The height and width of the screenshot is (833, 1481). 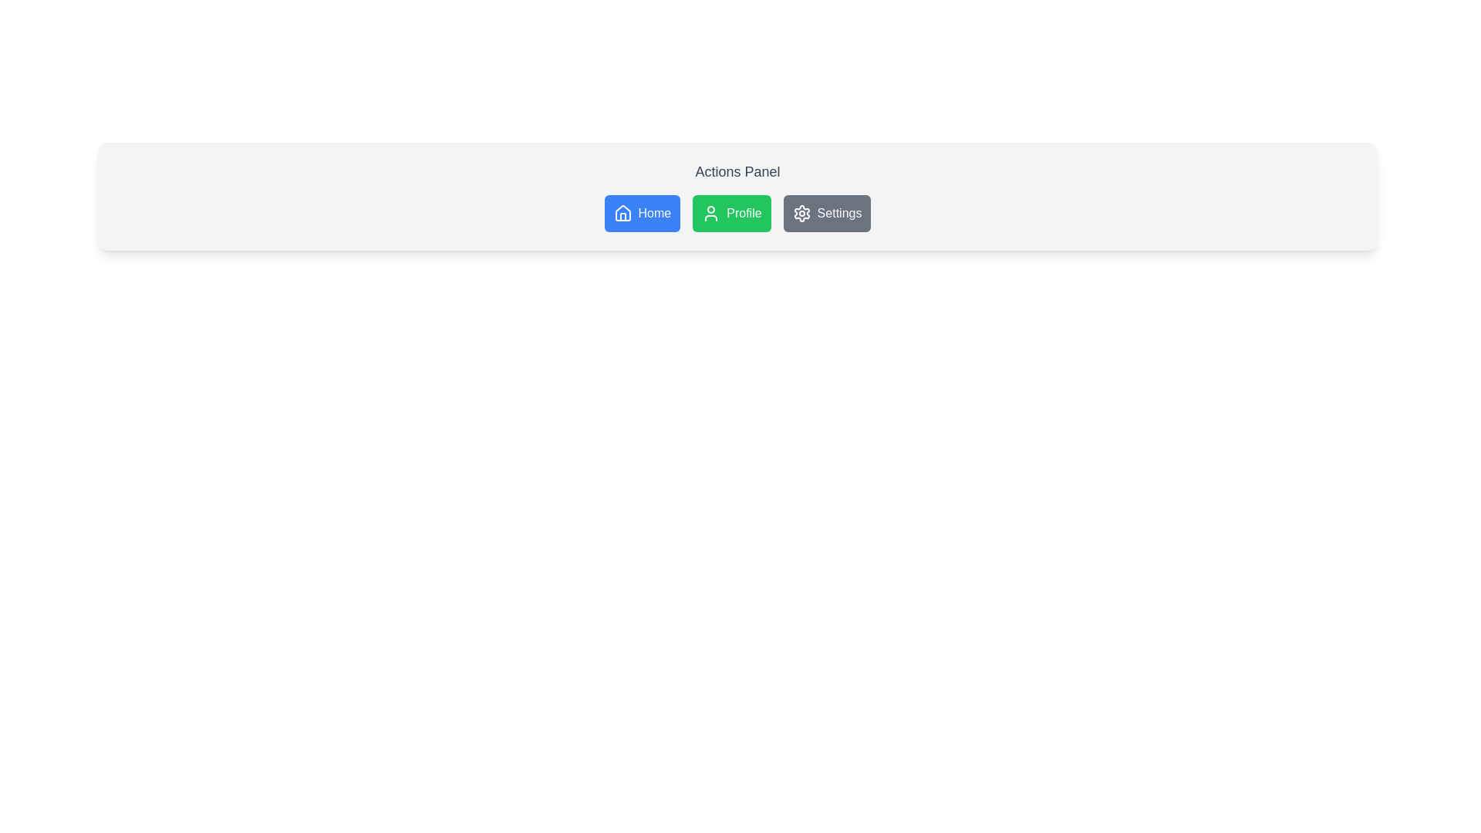 What do you see at coordinates (801, 214) in the screenshot?
I see `the settings icon located to the left of the 'Settings' text` at bounding box center [801, 214].